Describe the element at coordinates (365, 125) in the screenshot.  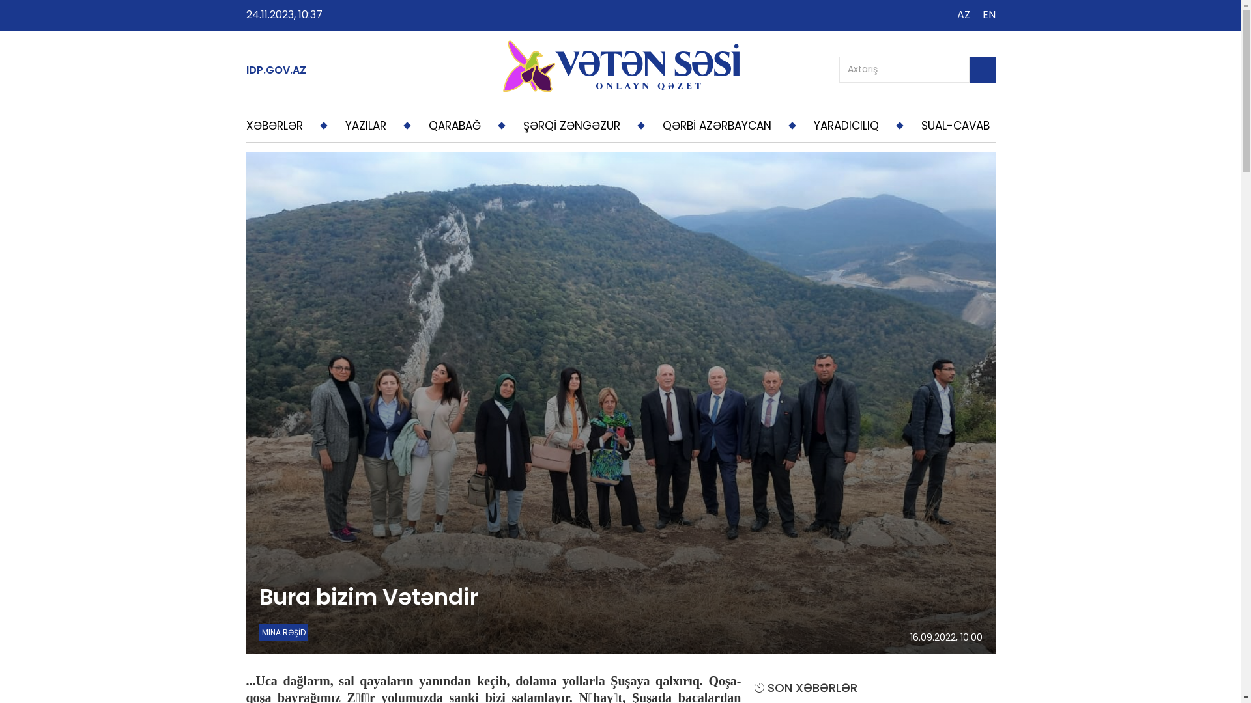
I see `'YAZILAR'` at that location.